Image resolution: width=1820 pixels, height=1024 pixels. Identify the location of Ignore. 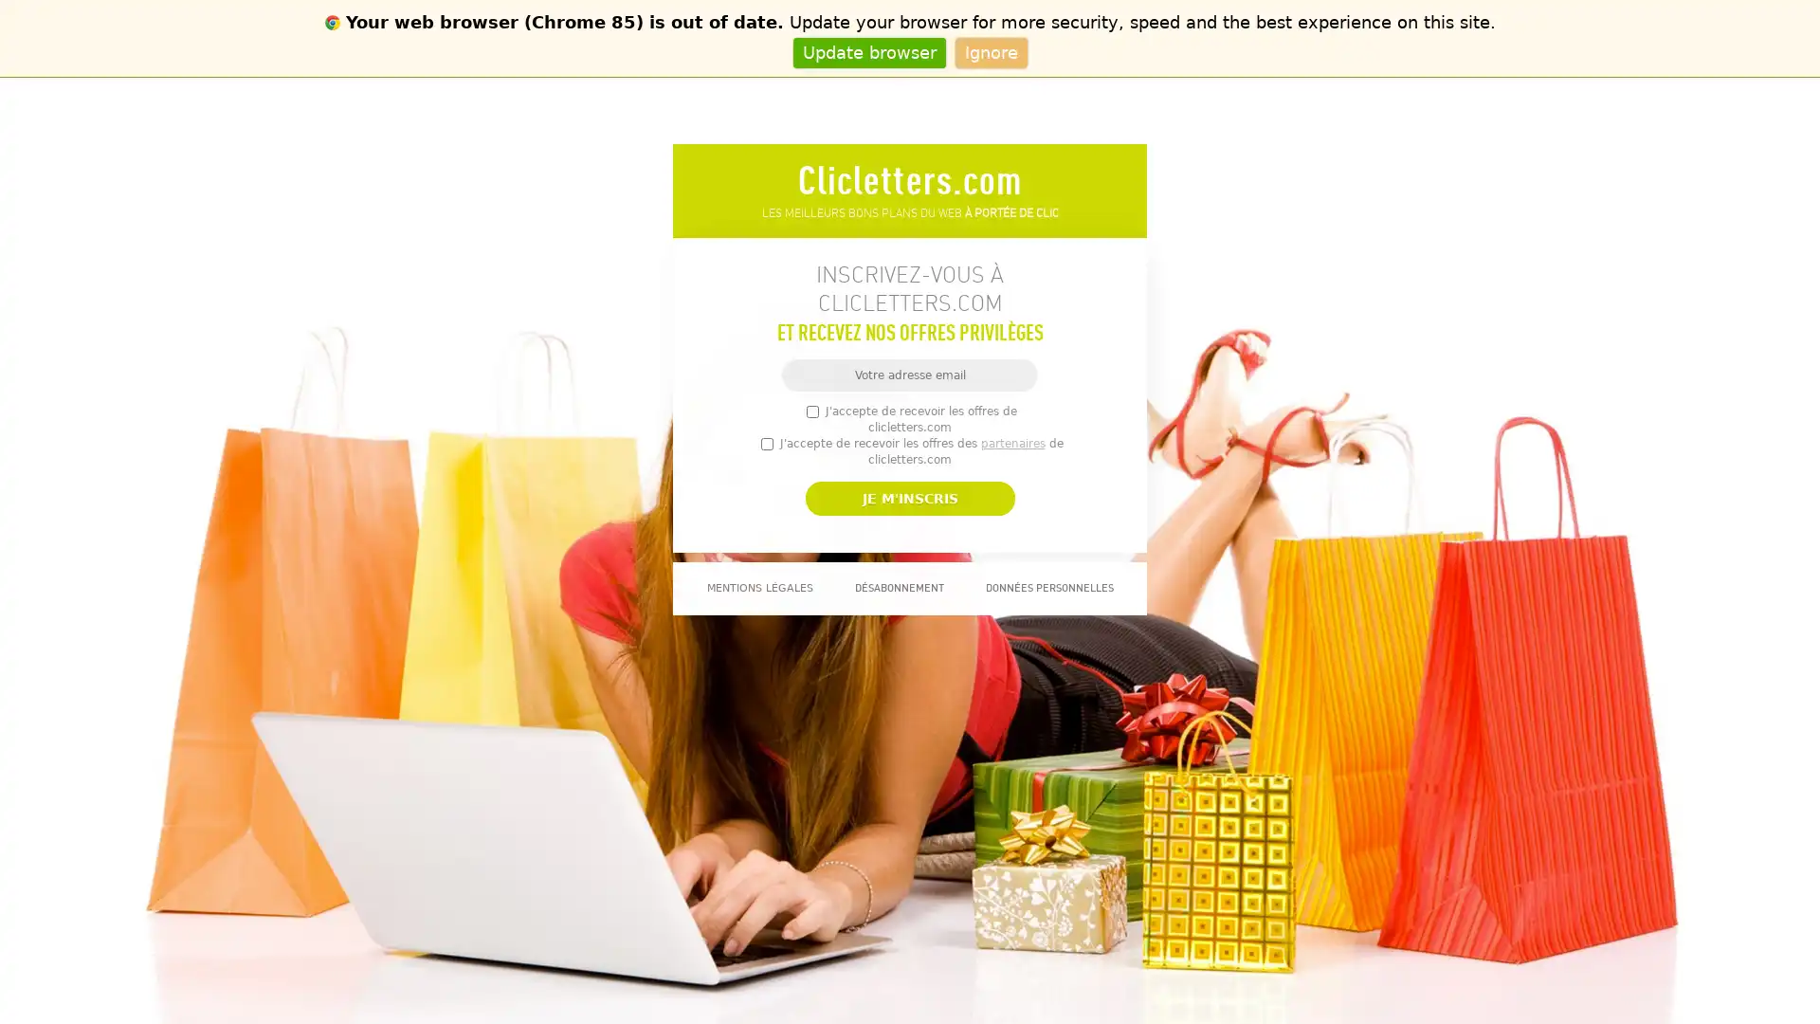
(990, 51).